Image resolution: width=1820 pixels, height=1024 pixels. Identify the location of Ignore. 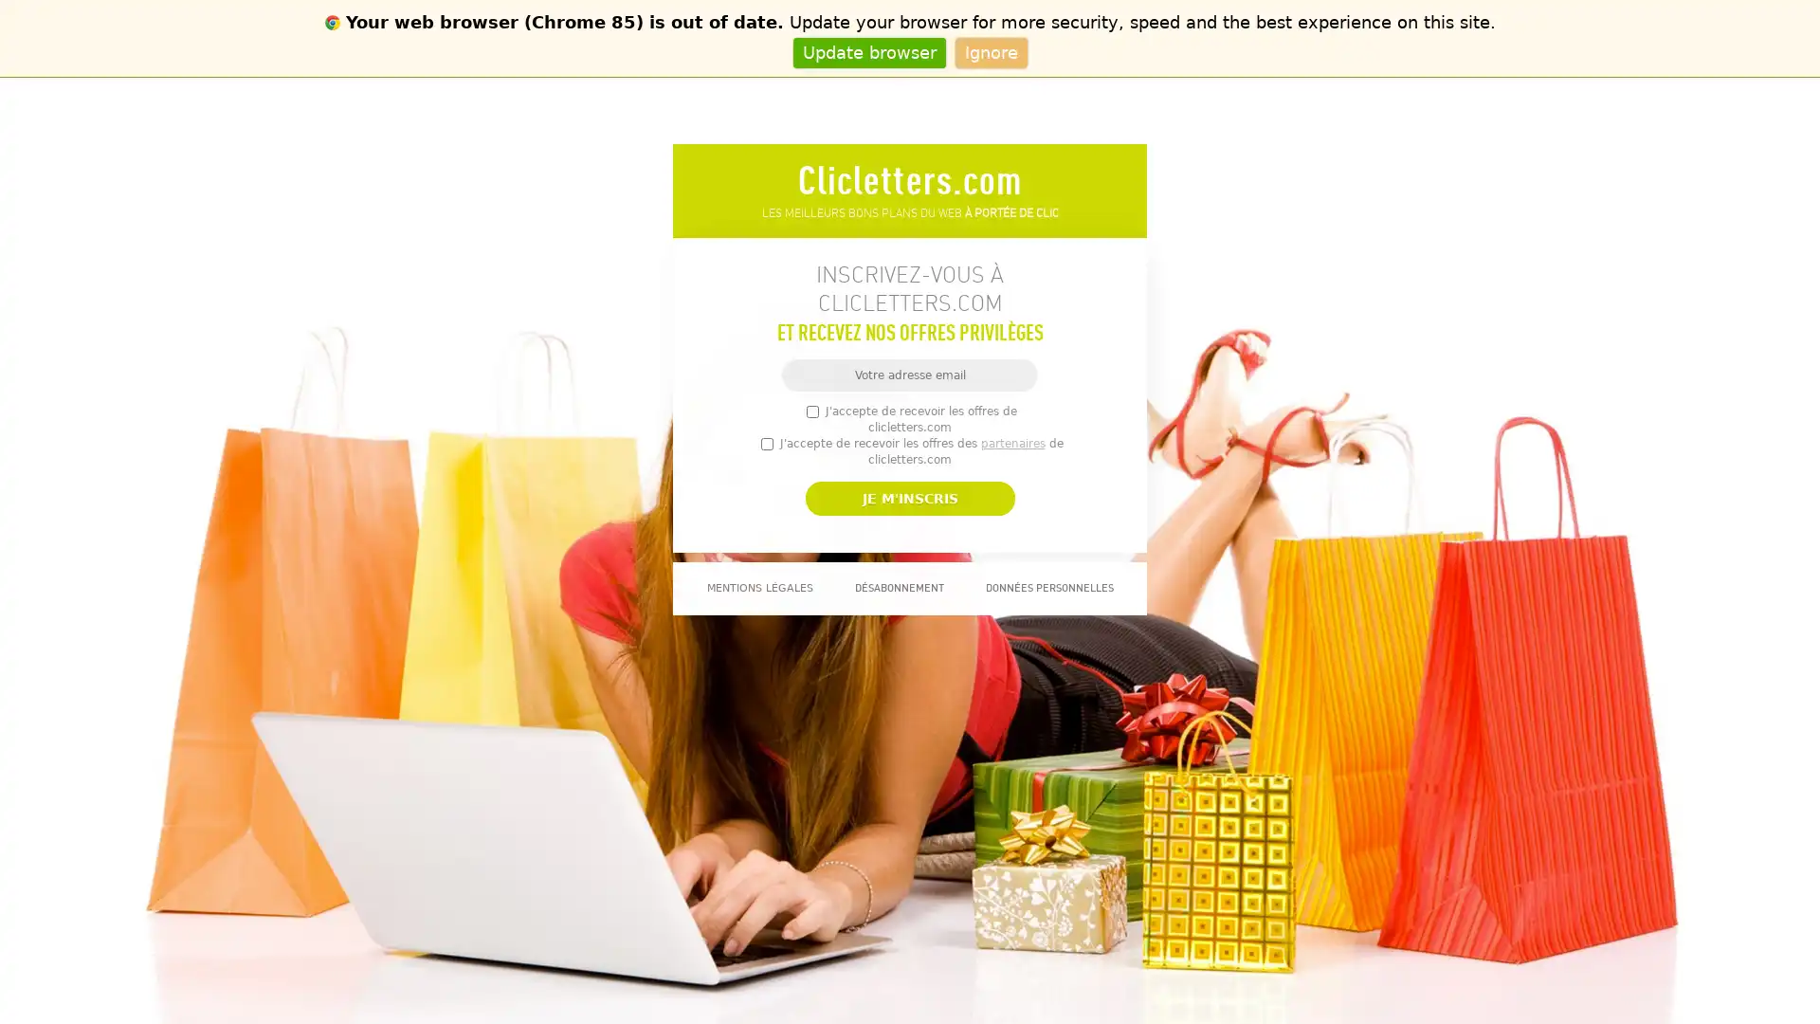
(990, 51).